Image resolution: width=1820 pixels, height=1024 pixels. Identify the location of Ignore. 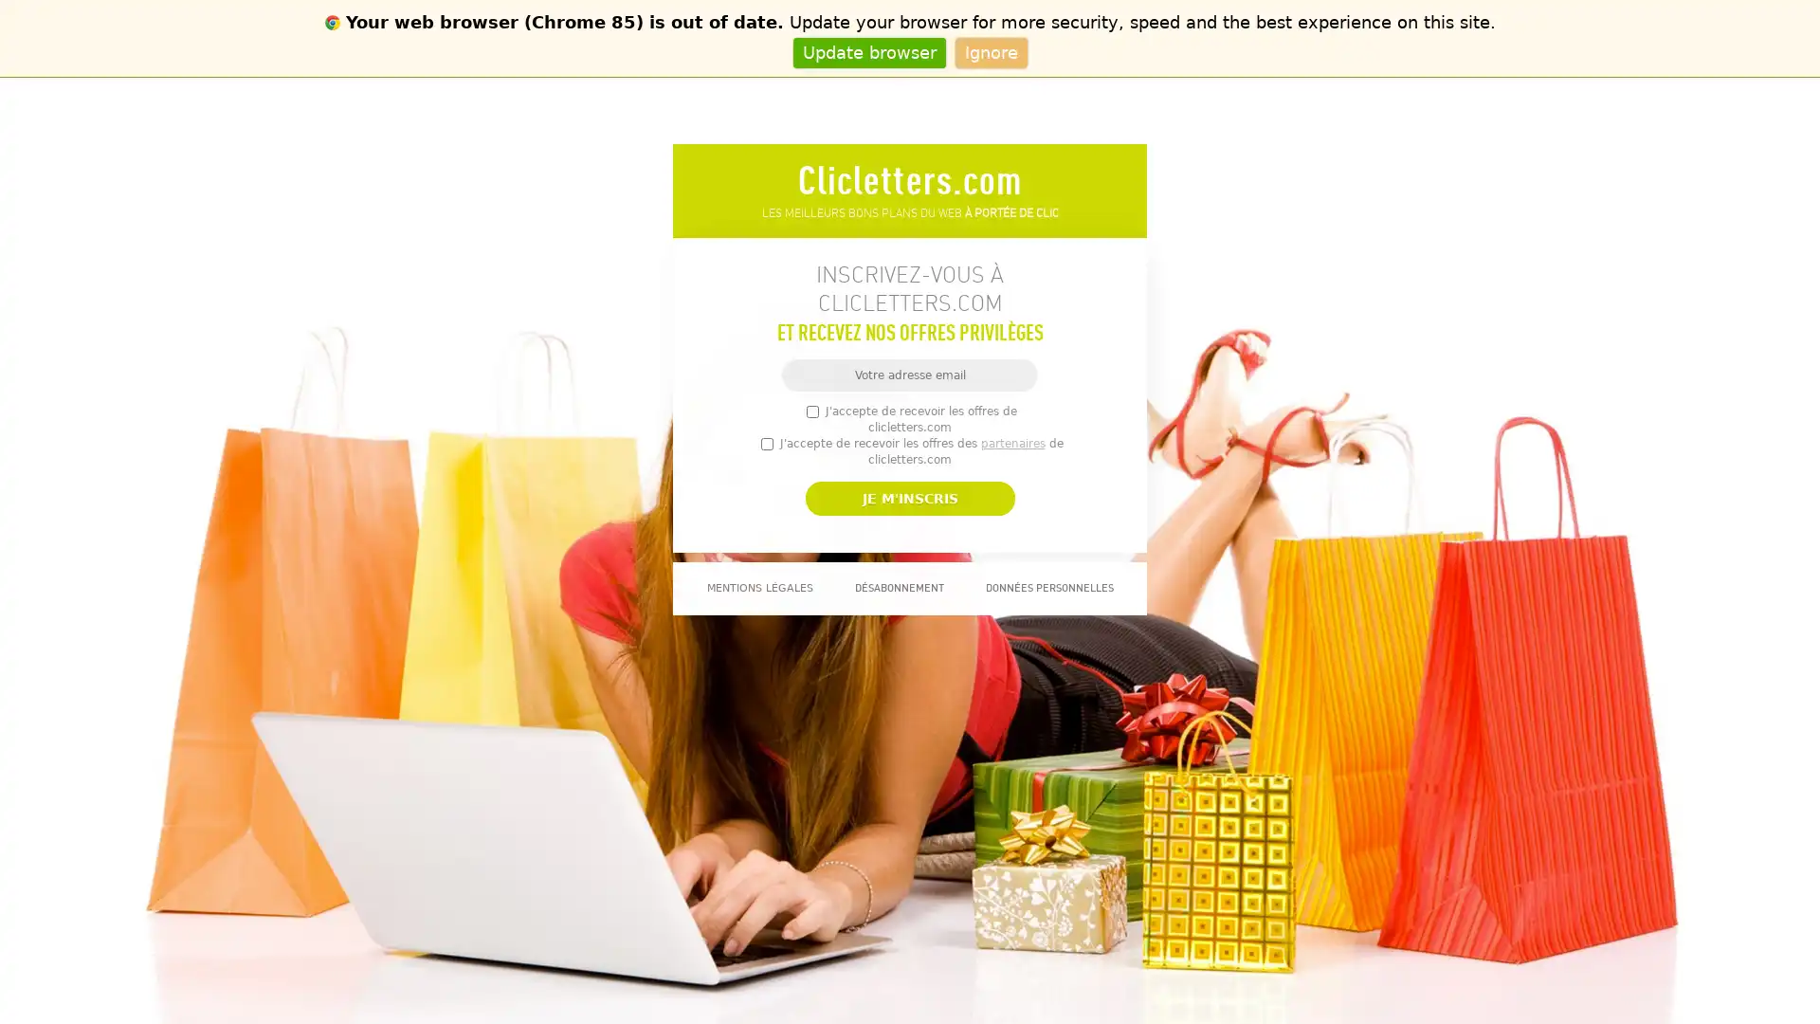
(990, 51).